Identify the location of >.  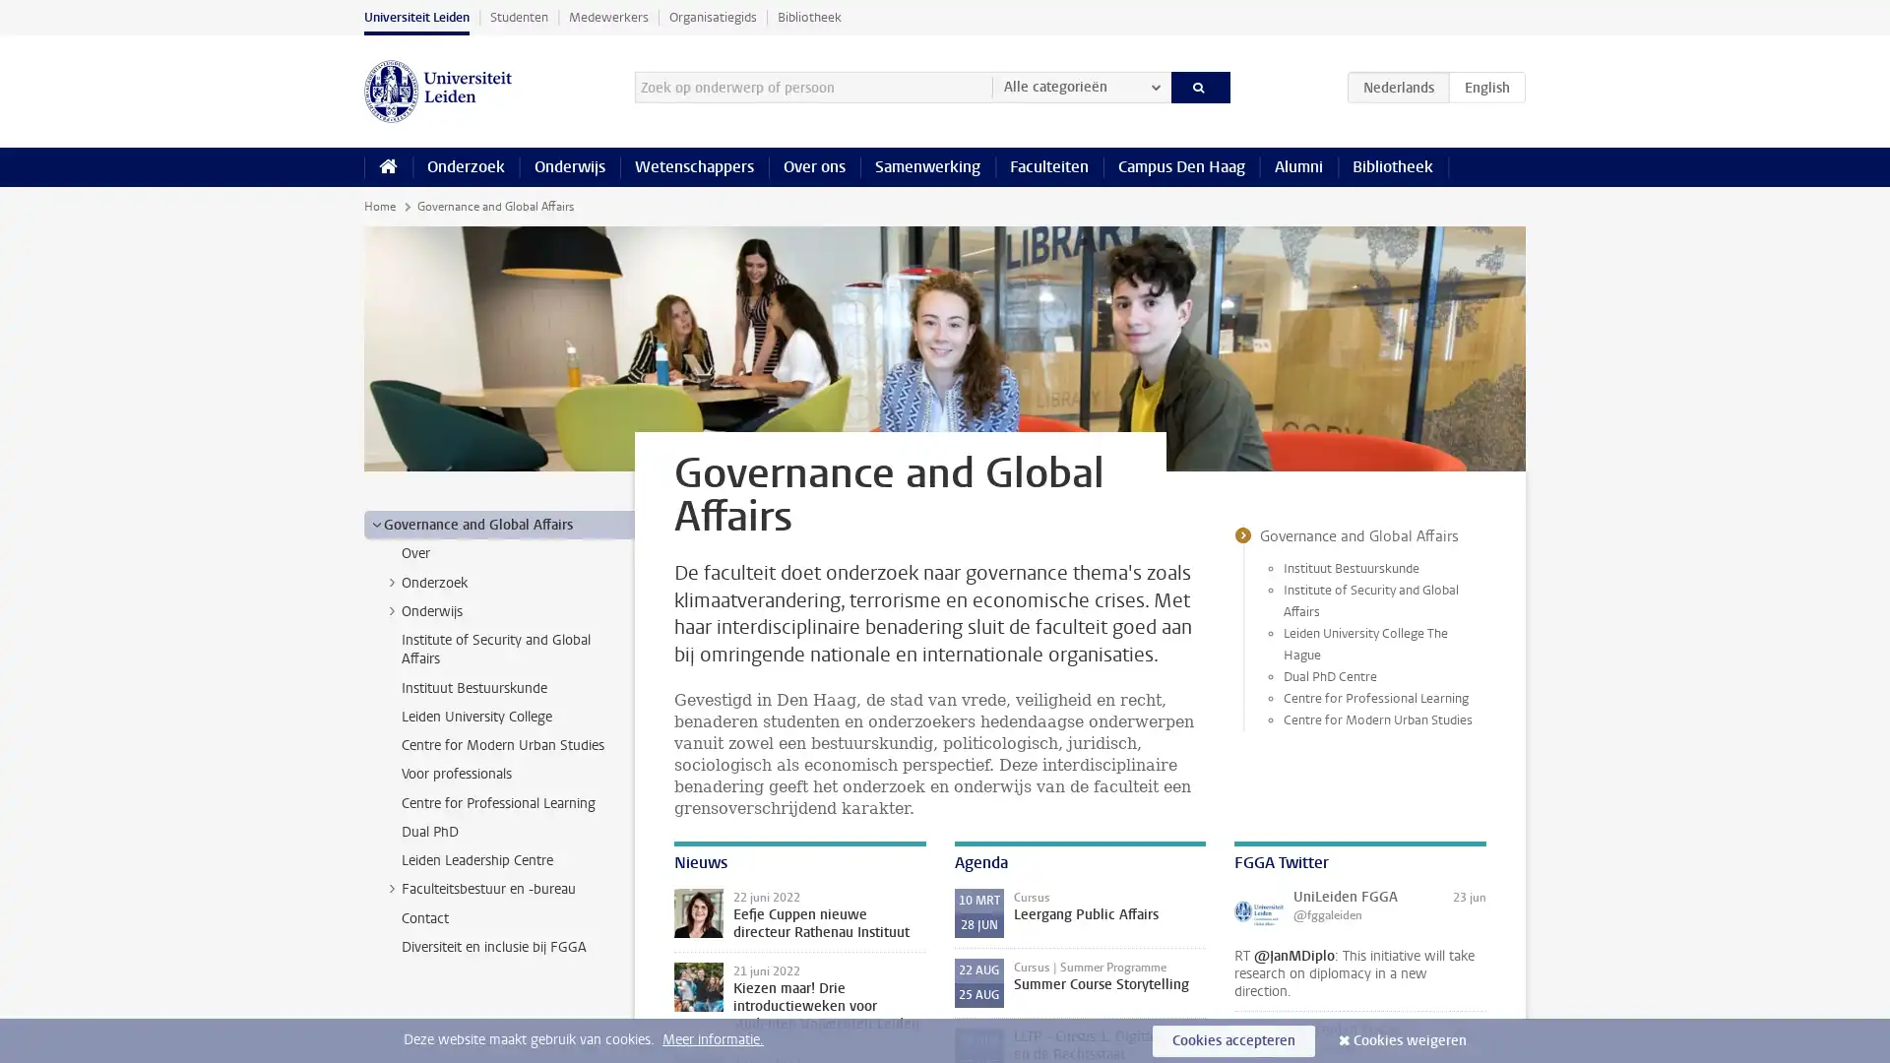
(392, 888).